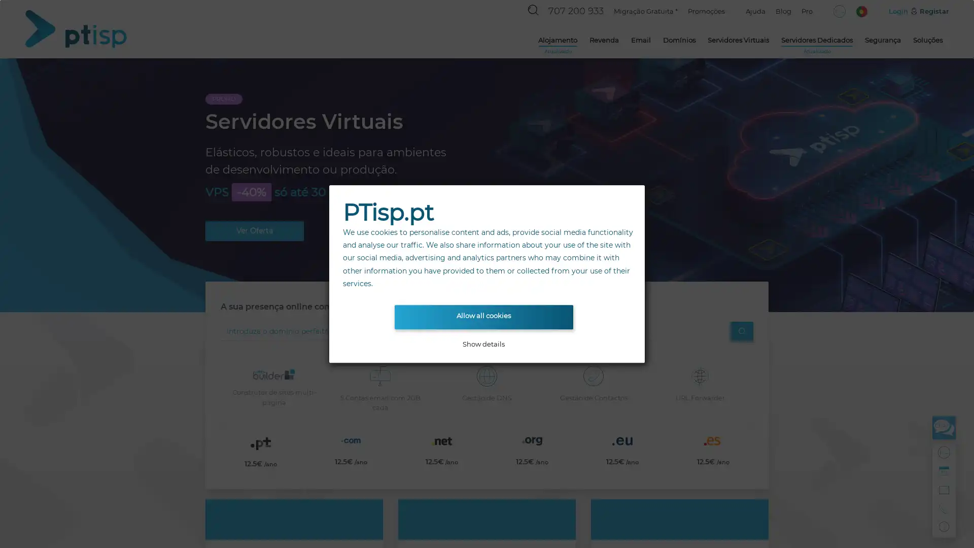 This screenshot has height=548, width=974. What do you see at coordinates (476, 269) in the screenshot?
I see `Go to slide 2` at bounding box center [476, 269].